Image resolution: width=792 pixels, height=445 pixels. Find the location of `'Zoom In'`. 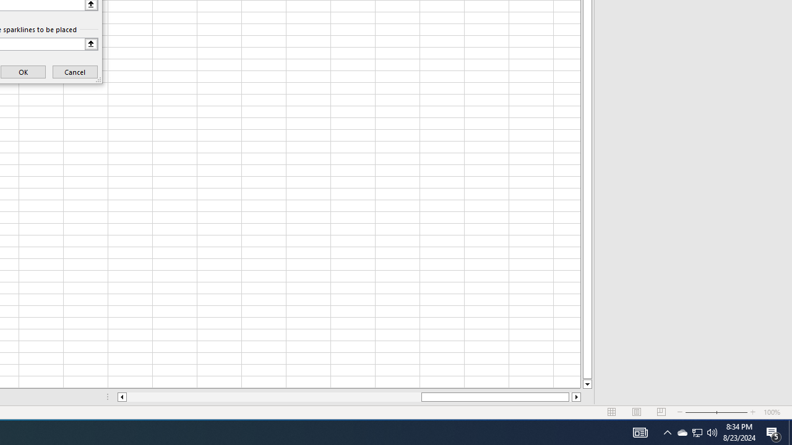

'Zoom In' is located at coordinates (752, 412).